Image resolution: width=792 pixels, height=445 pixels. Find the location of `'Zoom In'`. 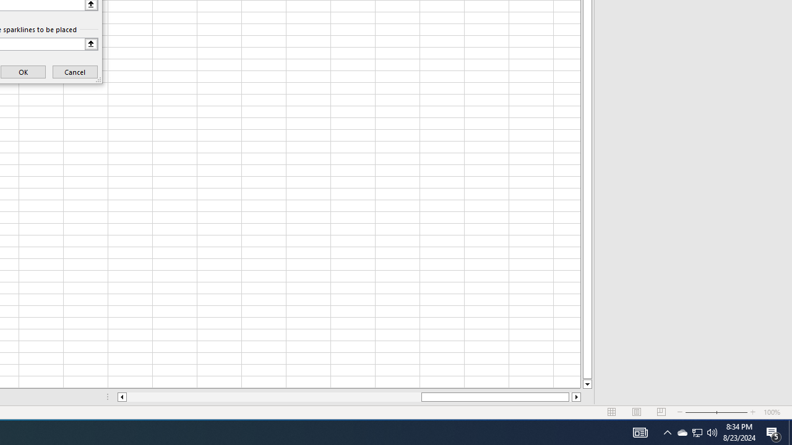

'Zoom In' is located at coordinates (752, 412).